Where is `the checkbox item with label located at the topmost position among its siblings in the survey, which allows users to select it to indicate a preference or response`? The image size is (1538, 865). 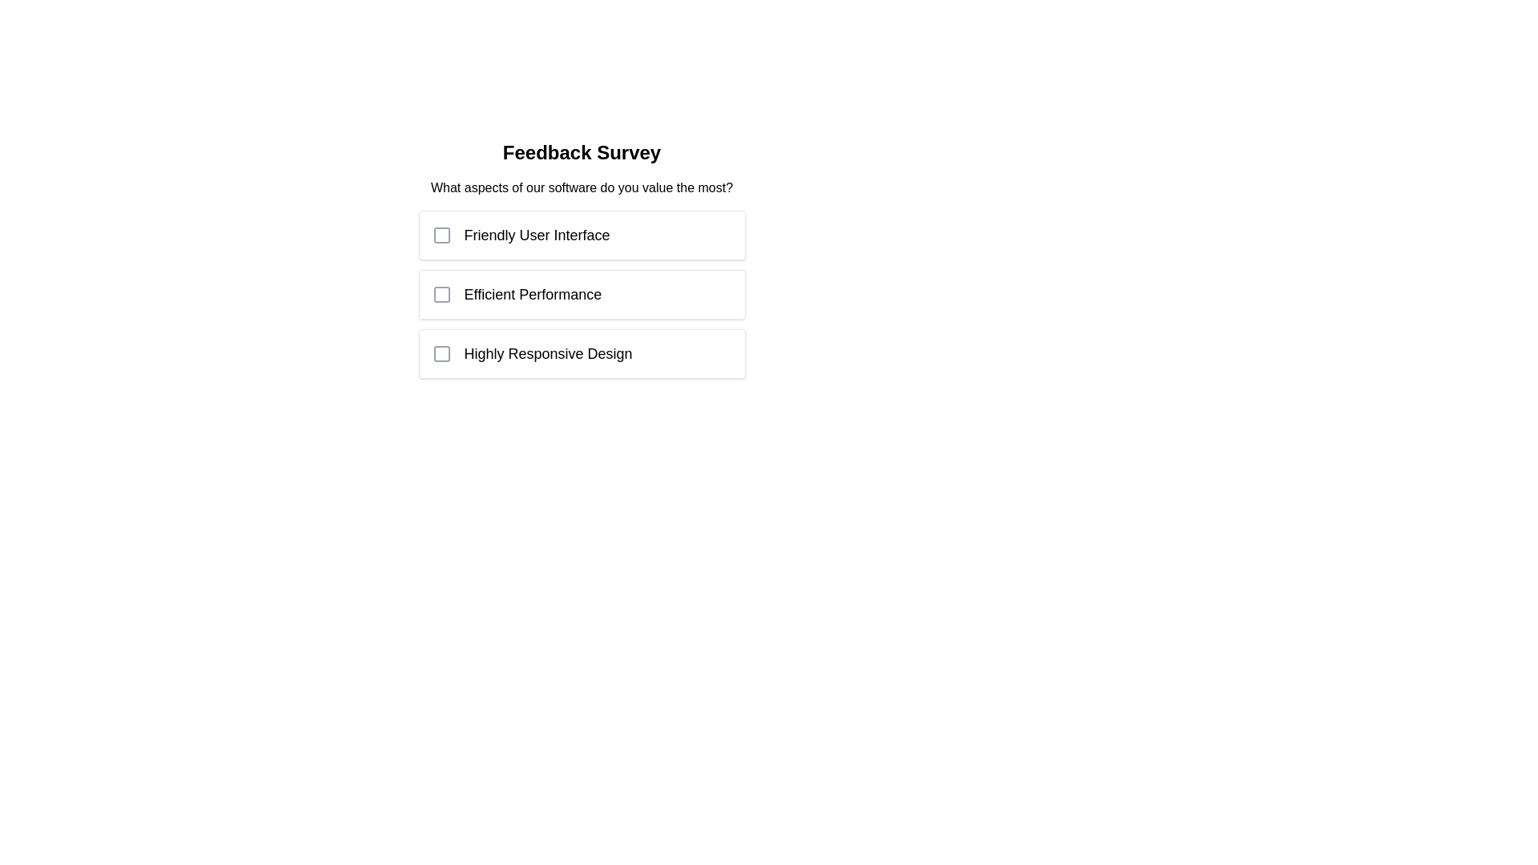 the checkbox item with label located at the topmost position among its siblings in the survey, which allows users to select it to indicate a preference or response is located at coordinates (581, 235).